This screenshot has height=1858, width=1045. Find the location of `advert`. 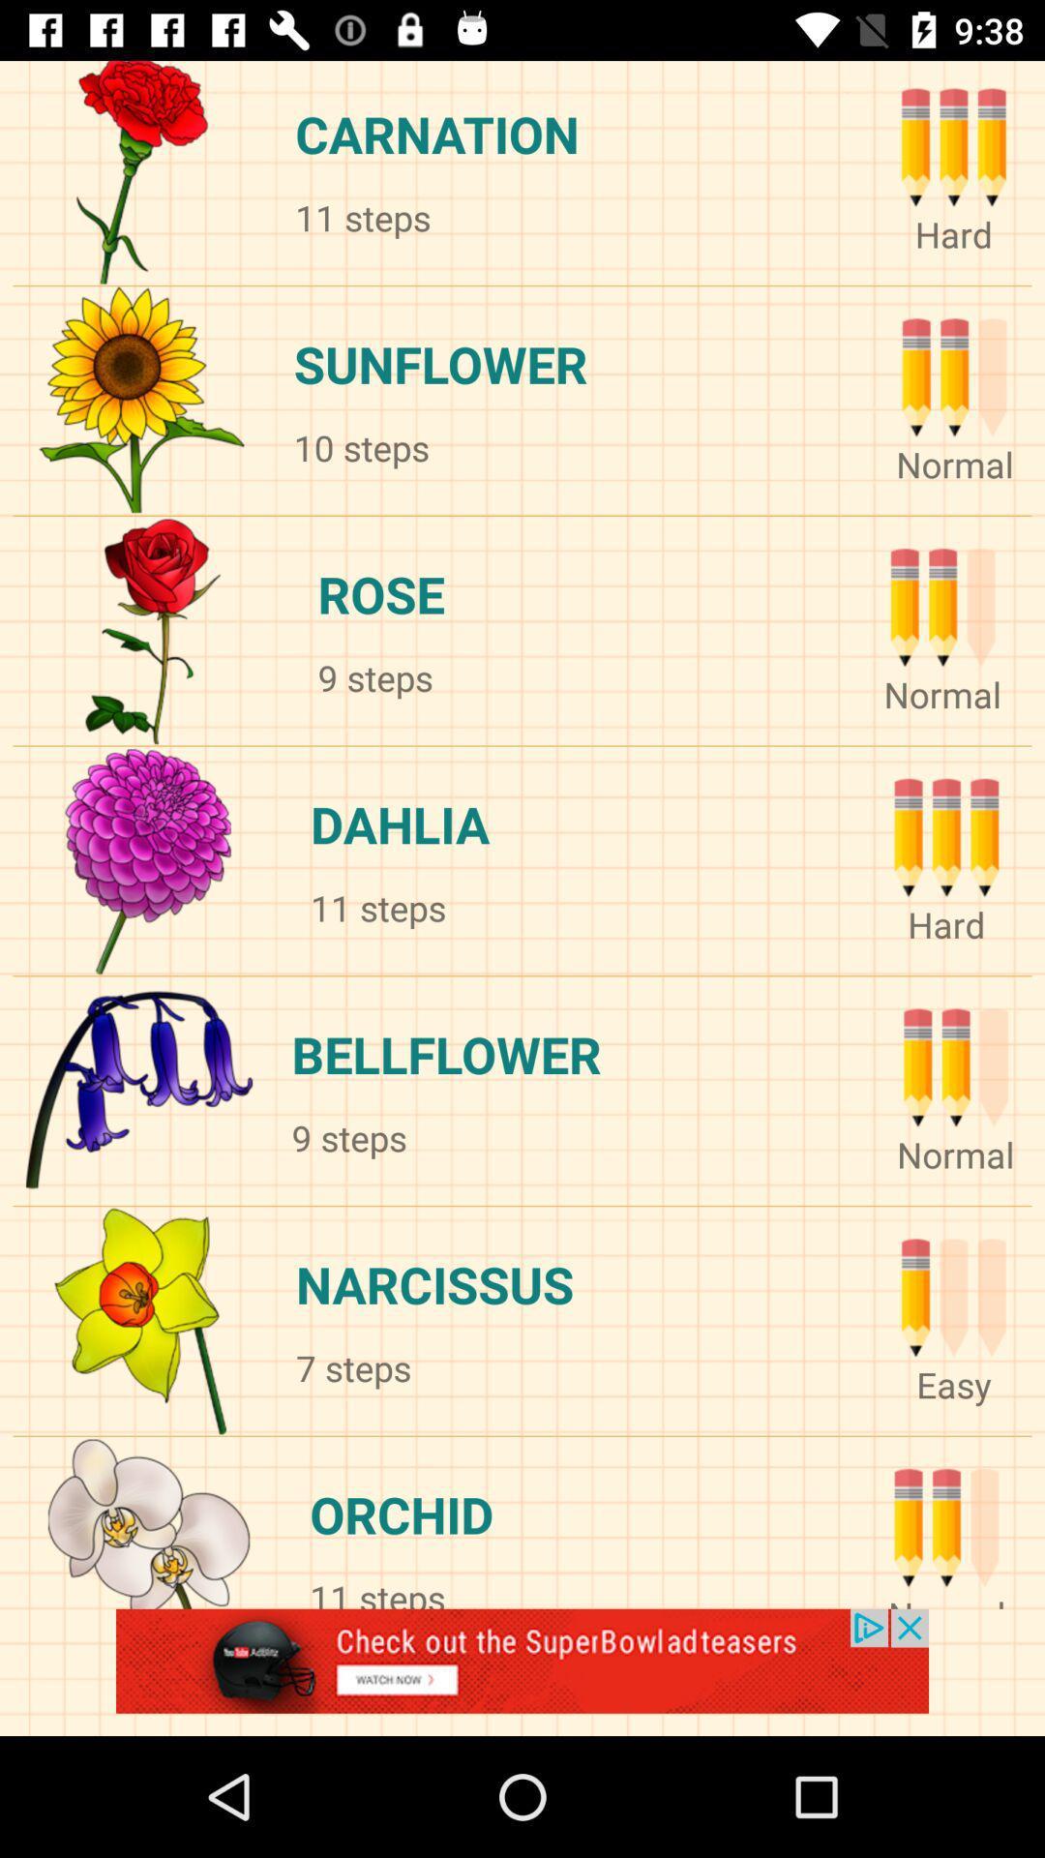

advert is located at coordinates (522, 1671).